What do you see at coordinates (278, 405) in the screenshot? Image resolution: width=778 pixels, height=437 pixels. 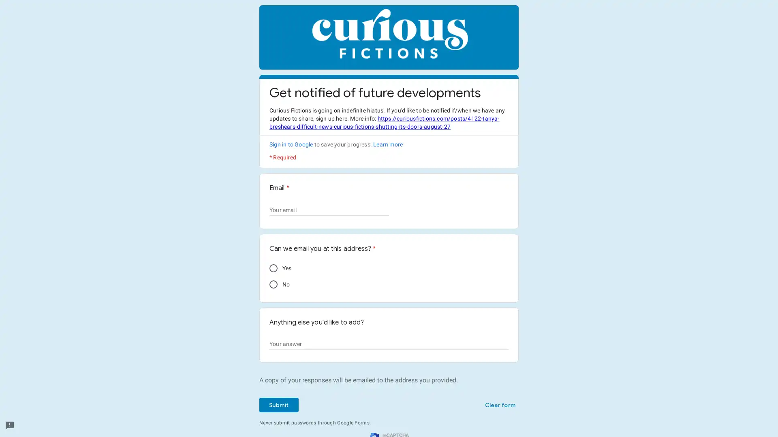 I see `Submit` at bounding box center [278, 405].